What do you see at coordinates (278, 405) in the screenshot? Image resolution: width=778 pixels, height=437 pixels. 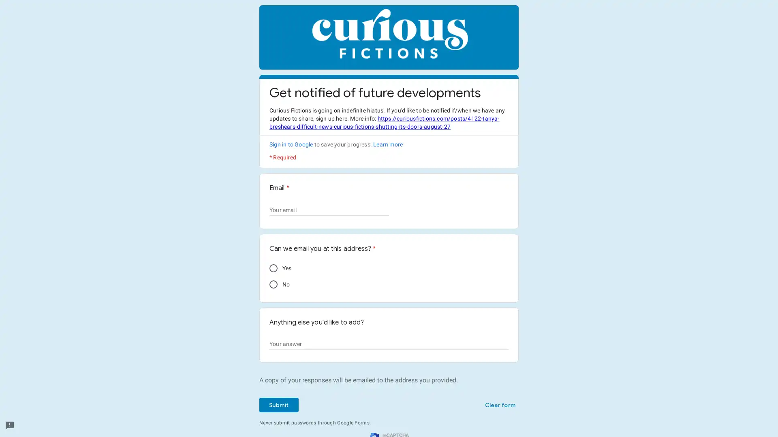 I see `Submit` at bounding box center [278, 405].